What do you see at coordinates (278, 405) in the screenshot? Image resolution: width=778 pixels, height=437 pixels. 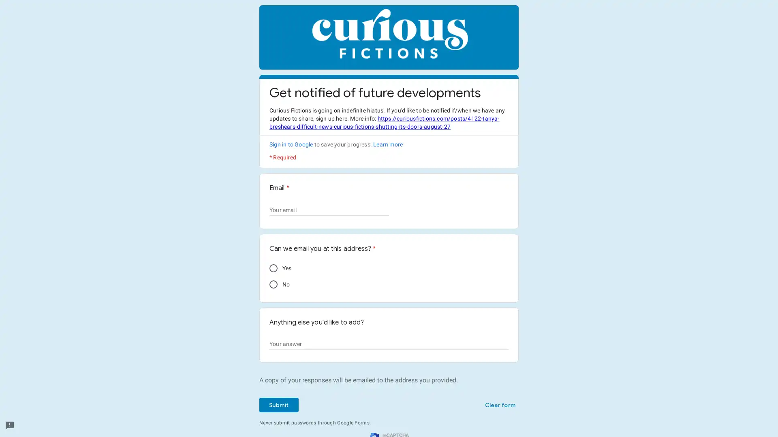 I see `Submit` at bounding box center [278, 405].